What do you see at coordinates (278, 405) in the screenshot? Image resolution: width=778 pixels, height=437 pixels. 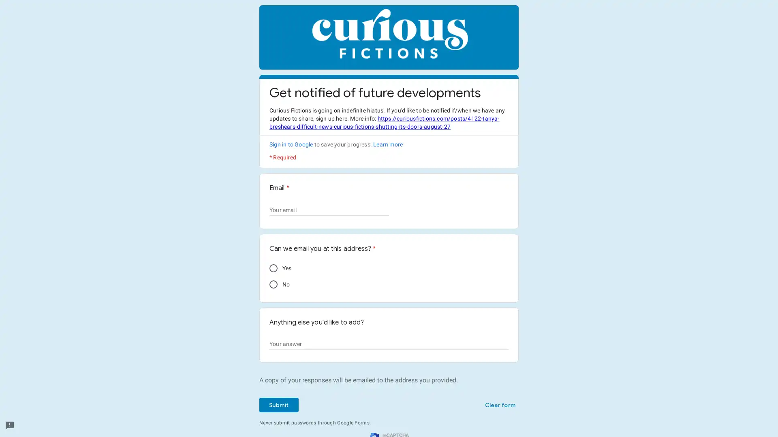 I see `Submit` at bounding box center [278, 405].